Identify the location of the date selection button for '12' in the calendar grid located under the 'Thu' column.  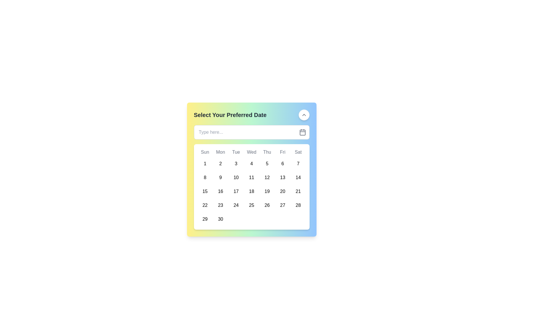
(267, 177).